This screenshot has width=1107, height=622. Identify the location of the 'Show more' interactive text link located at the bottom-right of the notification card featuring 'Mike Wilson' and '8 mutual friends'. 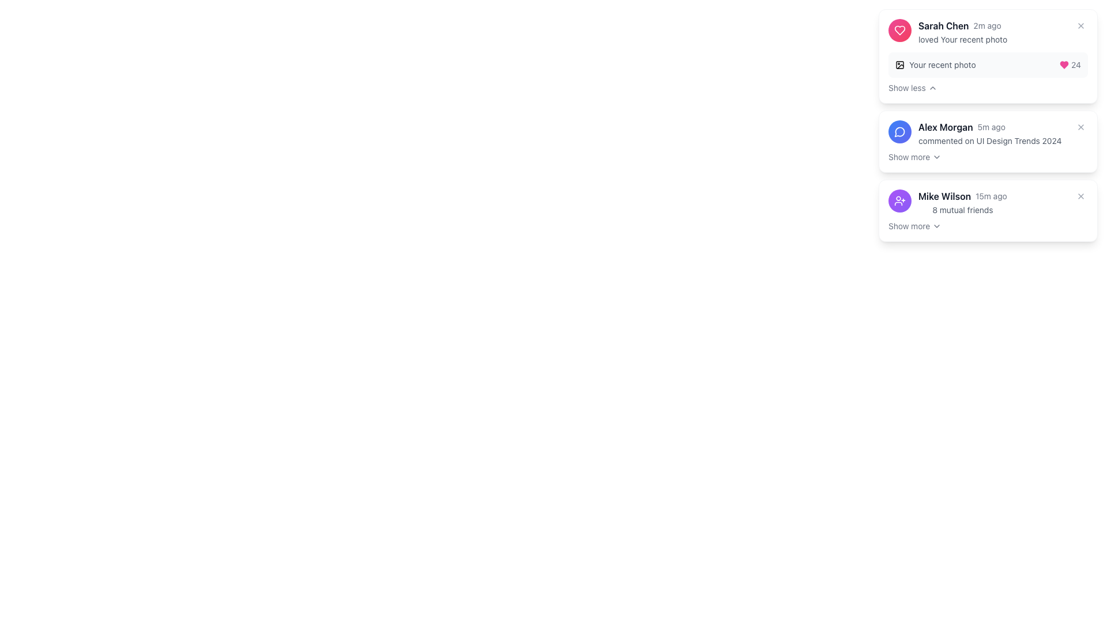
(914, 226).